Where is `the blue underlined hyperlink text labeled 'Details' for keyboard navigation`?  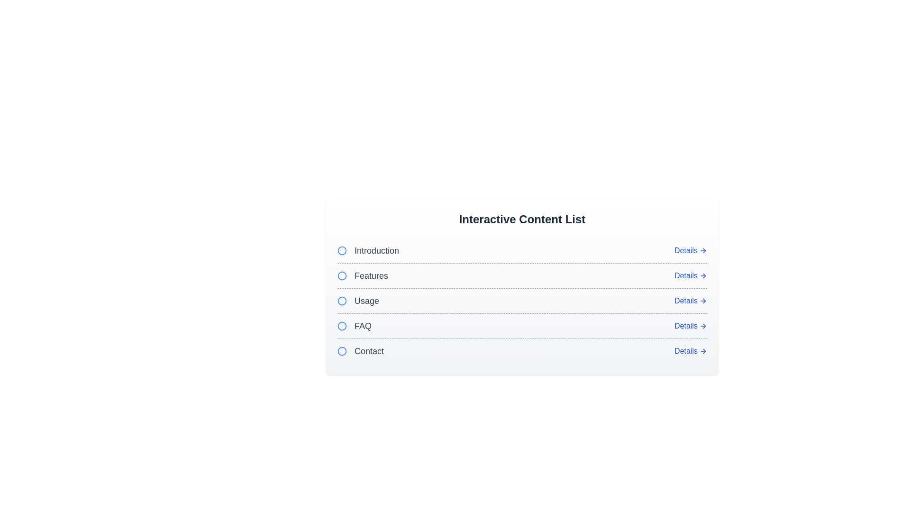 the blue underlined hyperlink text labeled 'Details' for keyboard navigation is located at coordinates (686, 301).